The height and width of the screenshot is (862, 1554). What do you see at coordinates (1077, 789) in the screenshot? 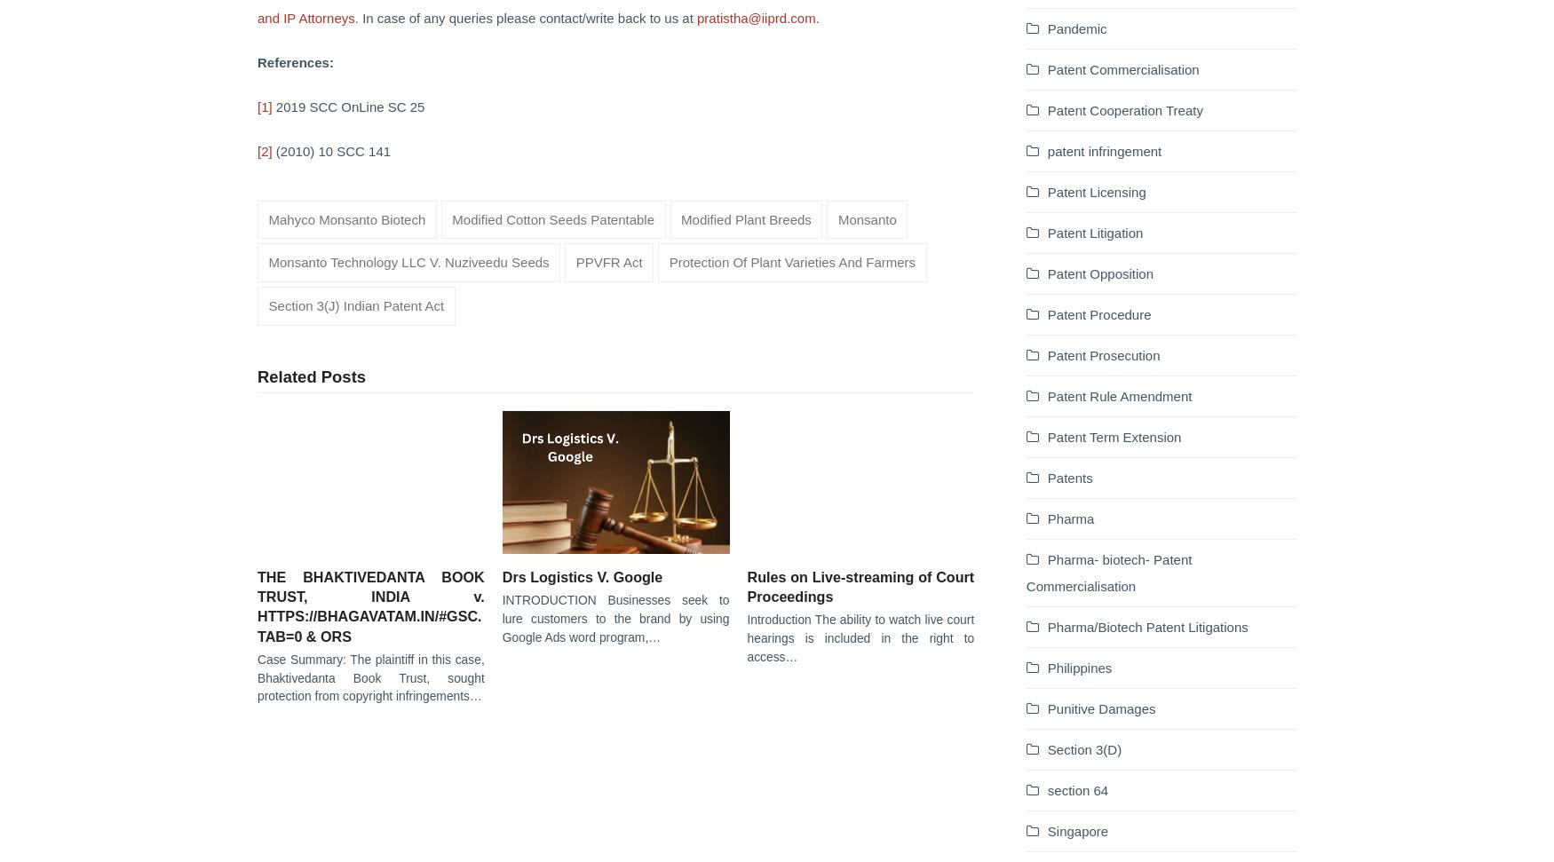
I see `'section 64'` at bounding box center [1077, 789].